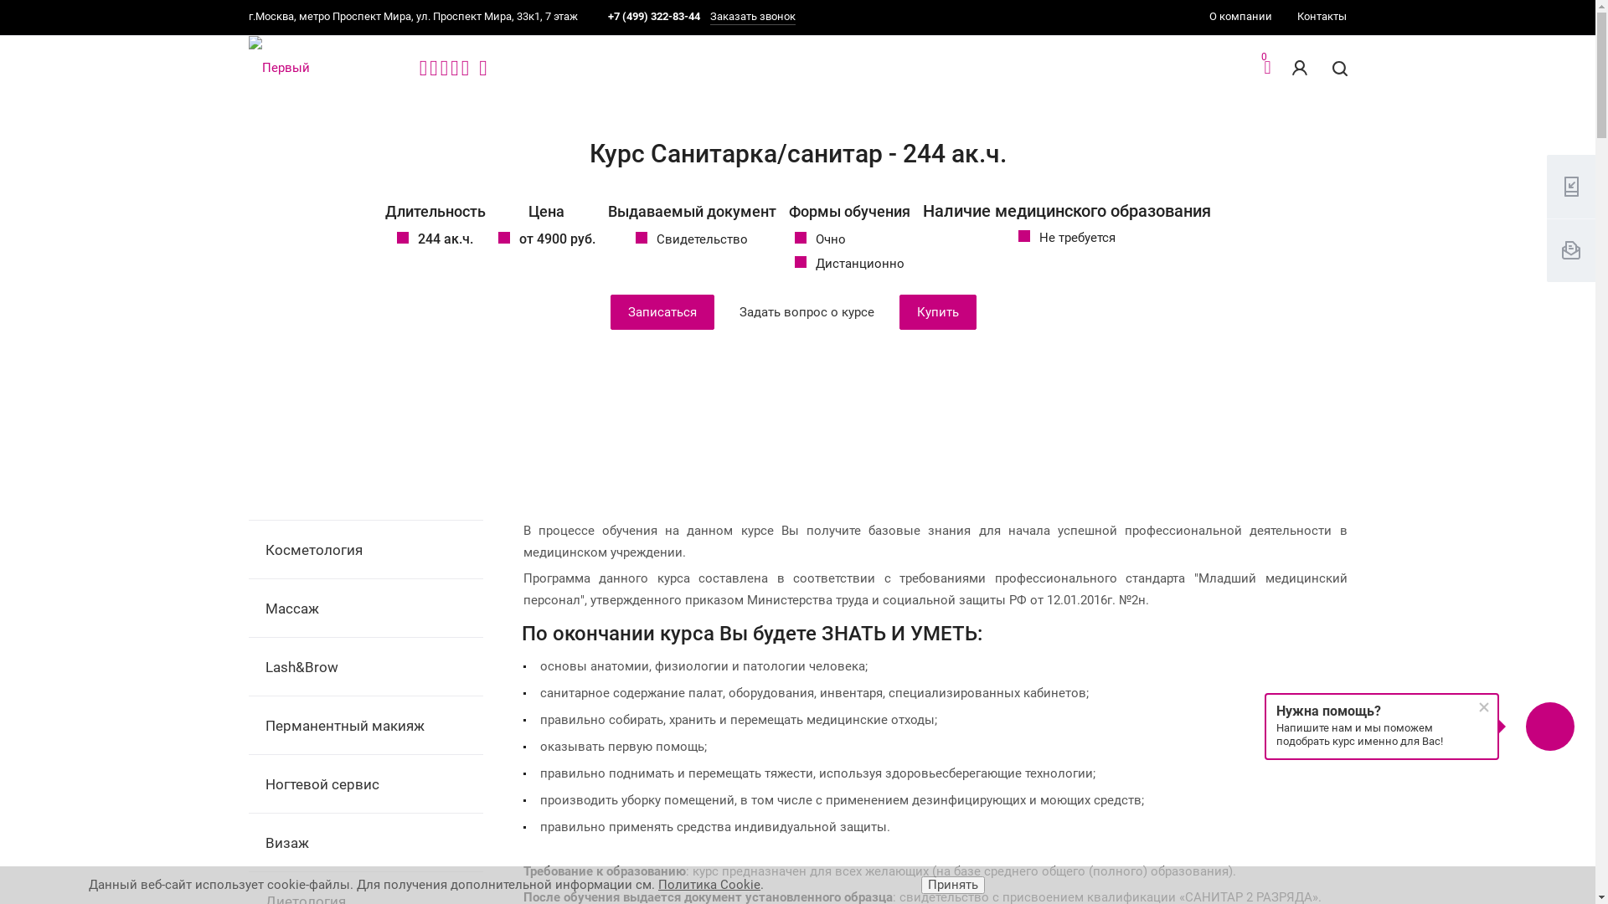  Describe the element at coordinates (1266, 69) in the screenshot. I see `'0'` at that location.